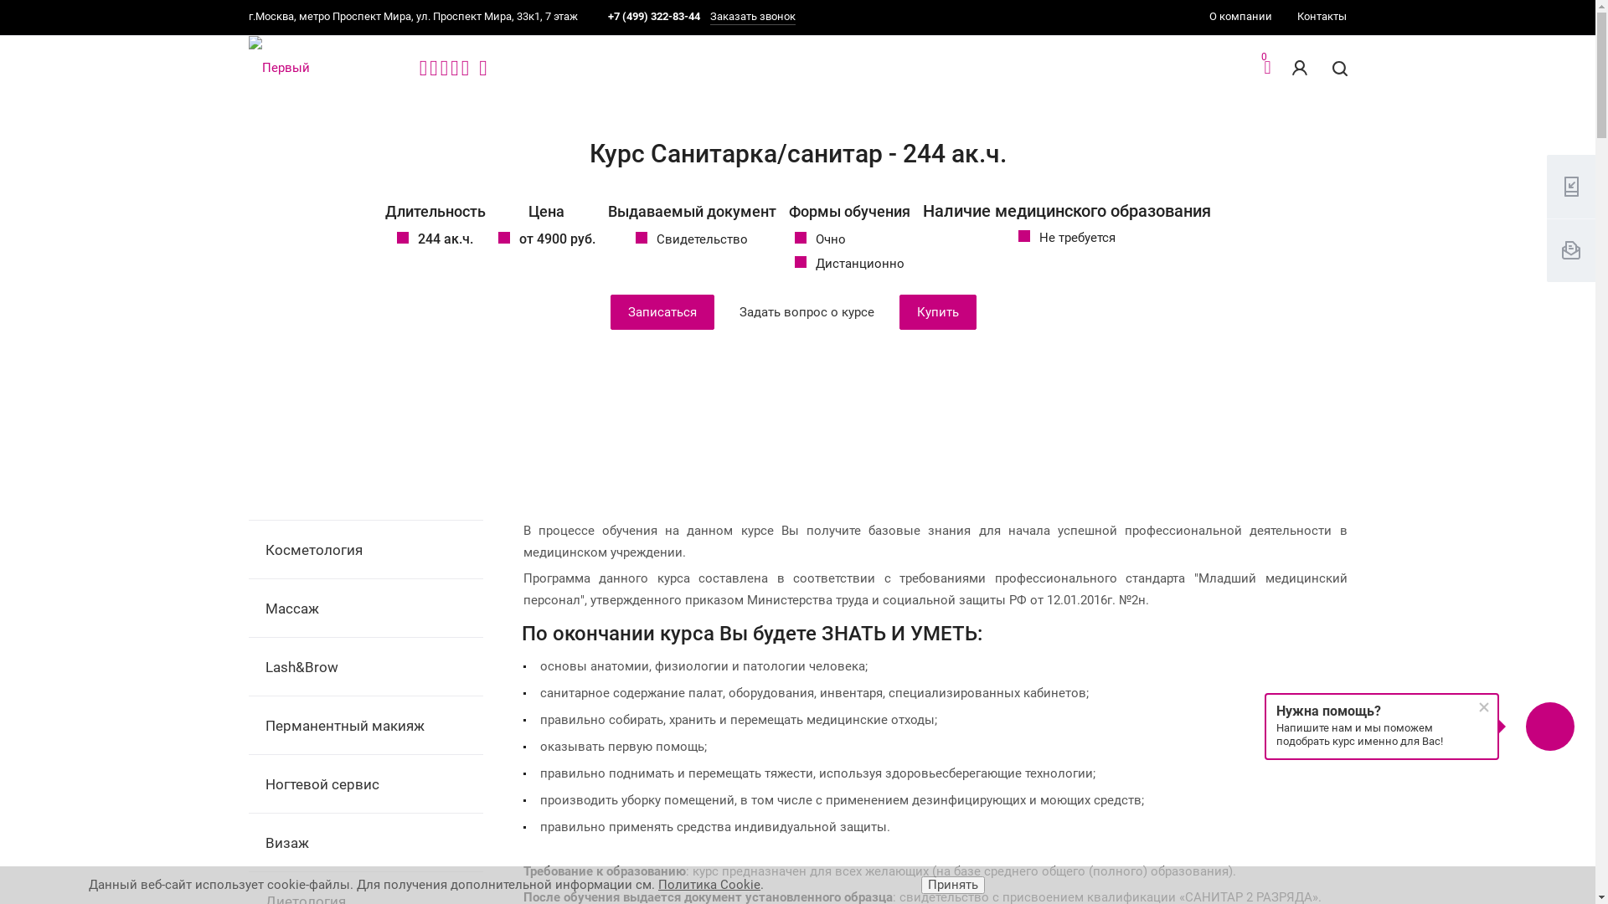  Describe the element at coordinates (1266, 69) in the screenshot. I see `'0'` at that location.